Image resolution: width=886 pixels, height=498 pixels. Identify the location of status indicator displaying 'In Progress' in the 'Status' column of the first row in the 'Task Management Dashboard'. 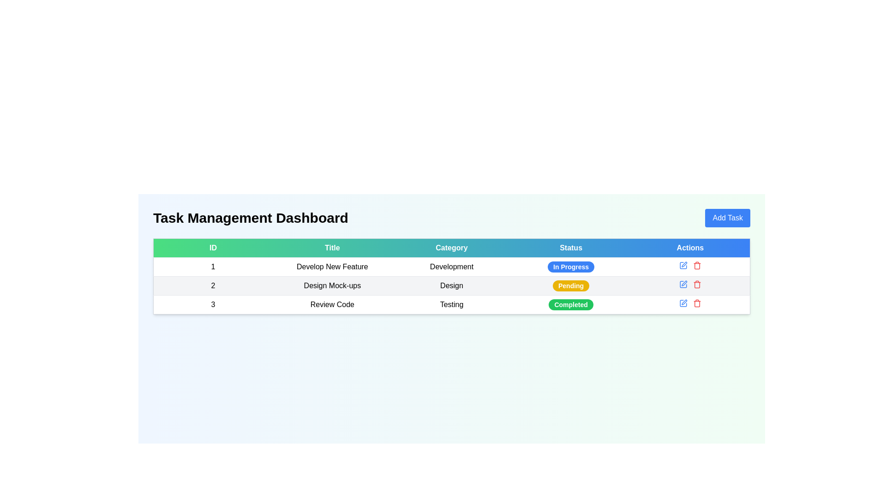
(570, 267).